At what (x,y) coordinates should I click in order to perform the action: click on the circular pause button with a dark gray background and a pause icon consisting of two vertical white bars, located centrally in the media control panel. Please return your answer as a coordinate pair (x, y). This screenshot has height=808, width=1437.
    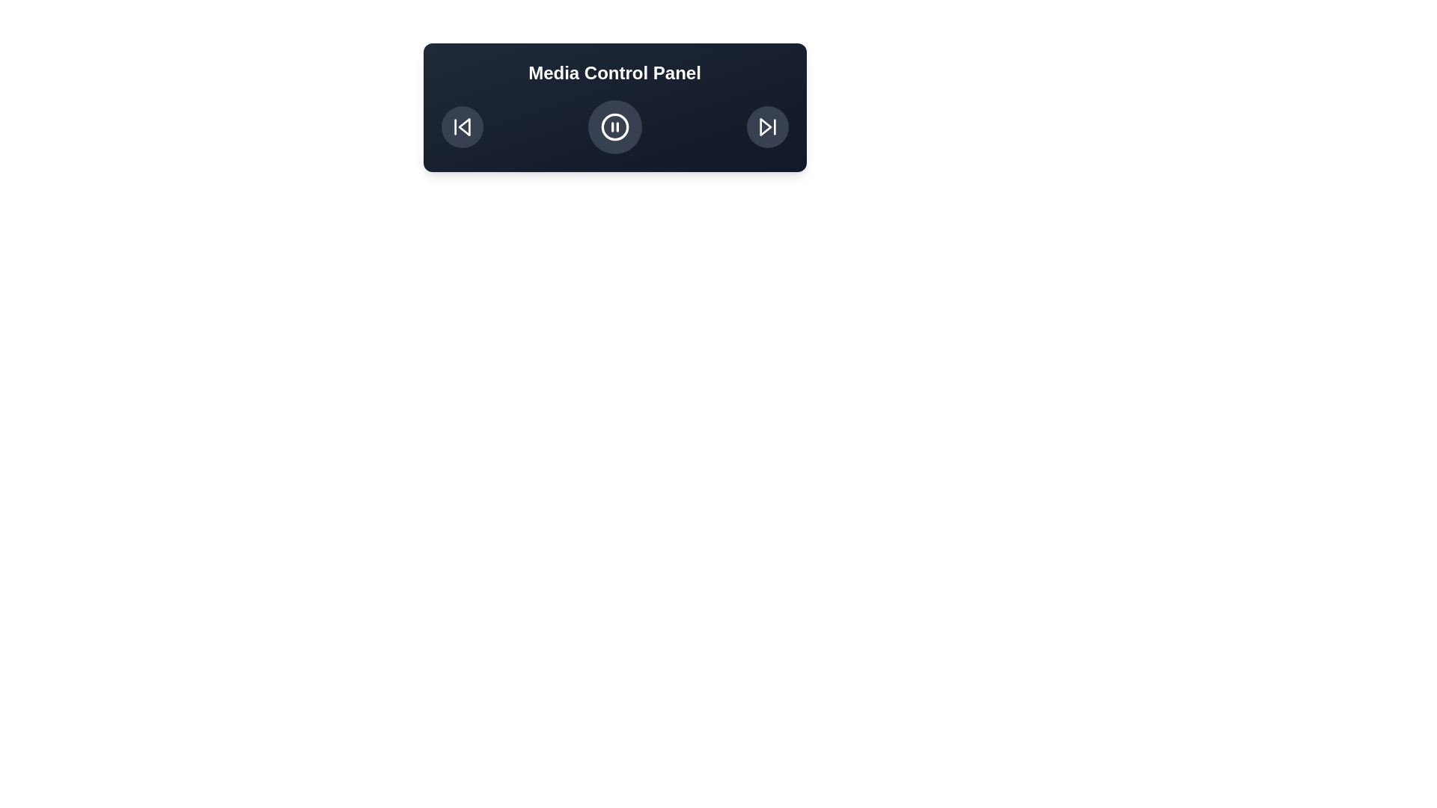
    Looking at the image, I should click on (614, 126).